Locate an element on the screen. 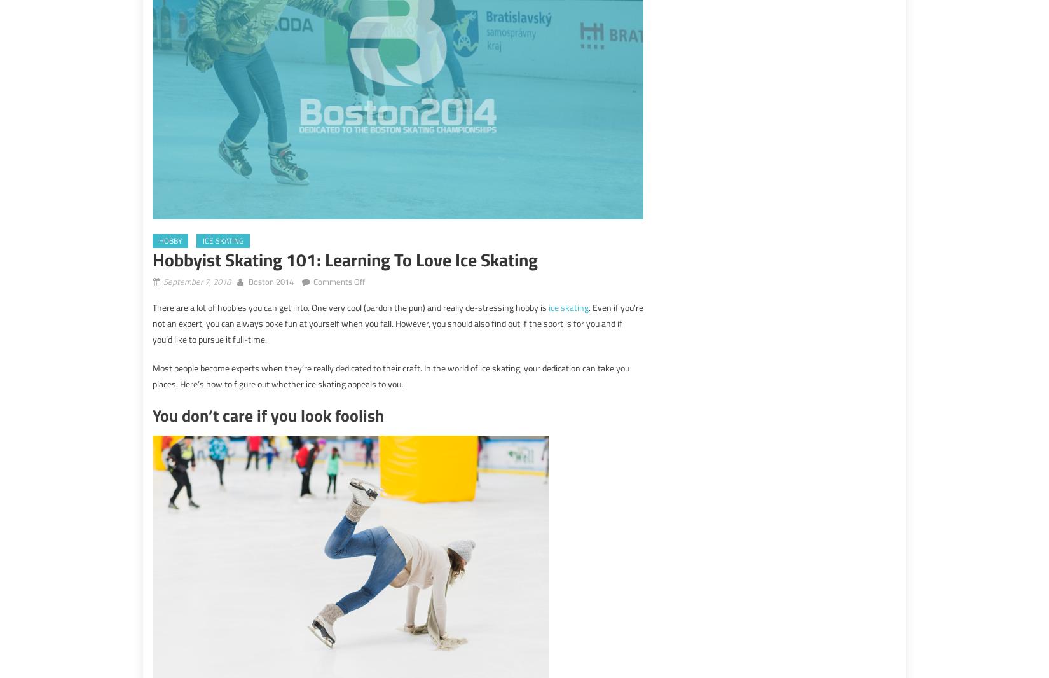 The width and height of the screenshot is (1049, 678). 'on Hobbyist Skating 101: Learning to Love Ice Skating' is located at coordinates (459, 280).